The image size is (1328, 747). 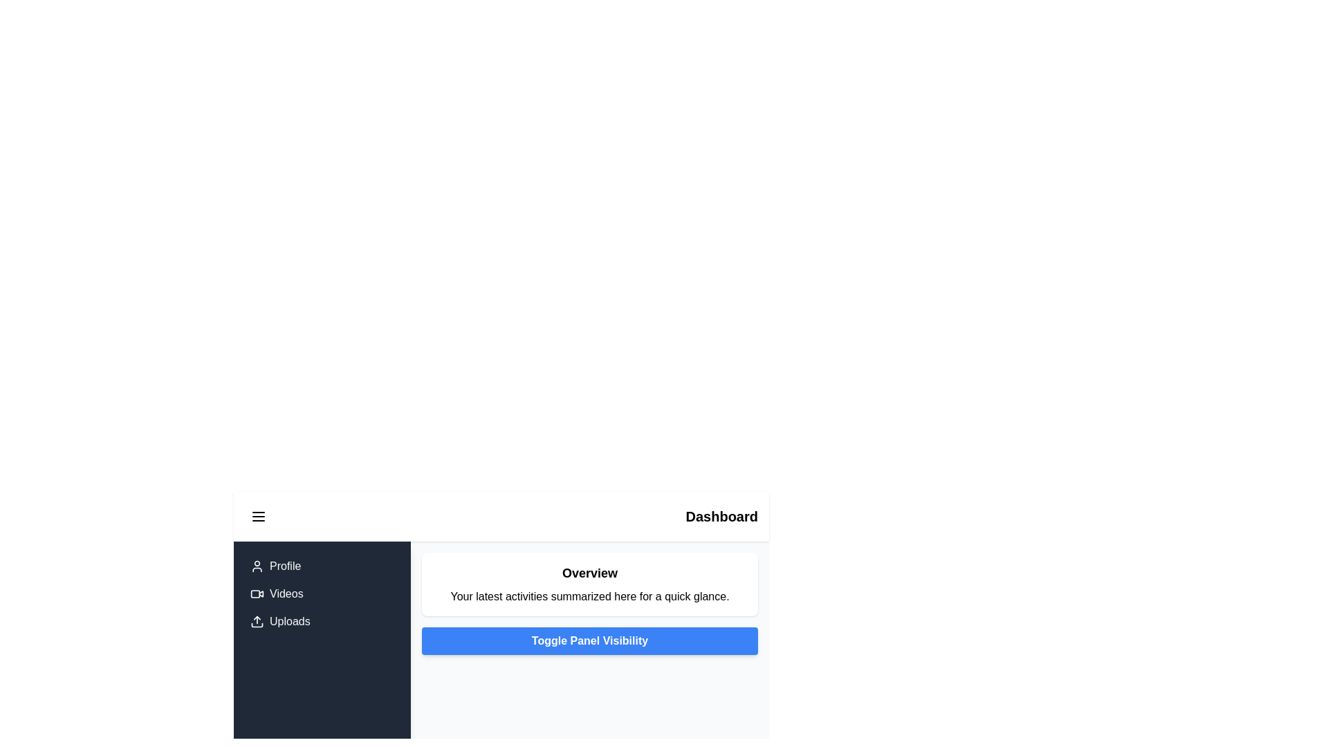 I want to click on the 'Overview' text label, which is displayed in bold black font at the top of the card component, so click(x=590, y=573).